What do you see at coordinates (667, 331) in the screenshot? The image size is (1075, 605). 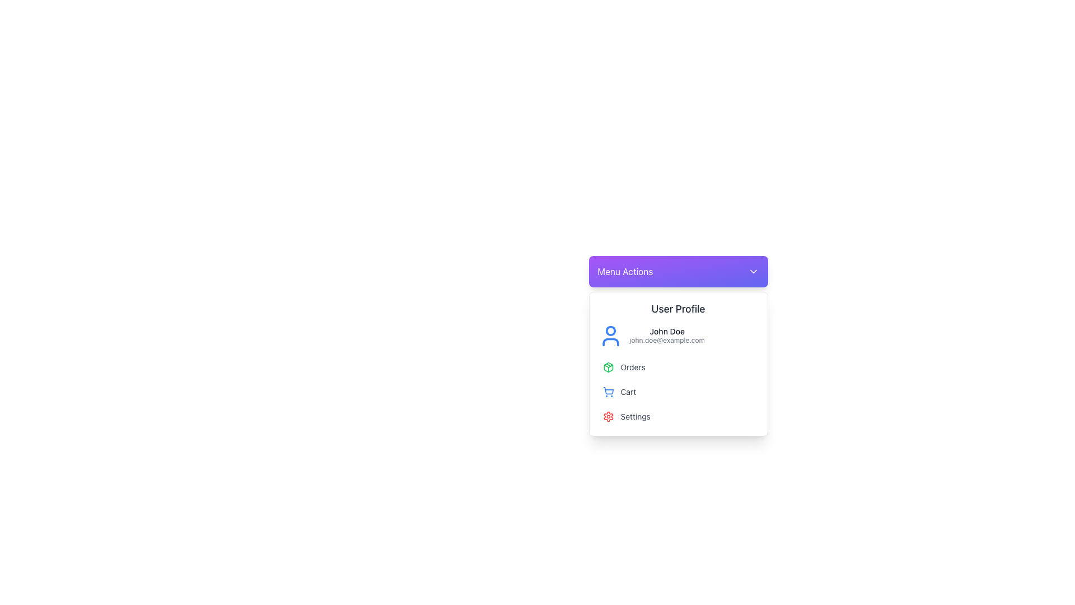 I see `the text label displaying the username 'John Doe' located at the top of the user profile dropdown menu` at bounding box center [667, 331].